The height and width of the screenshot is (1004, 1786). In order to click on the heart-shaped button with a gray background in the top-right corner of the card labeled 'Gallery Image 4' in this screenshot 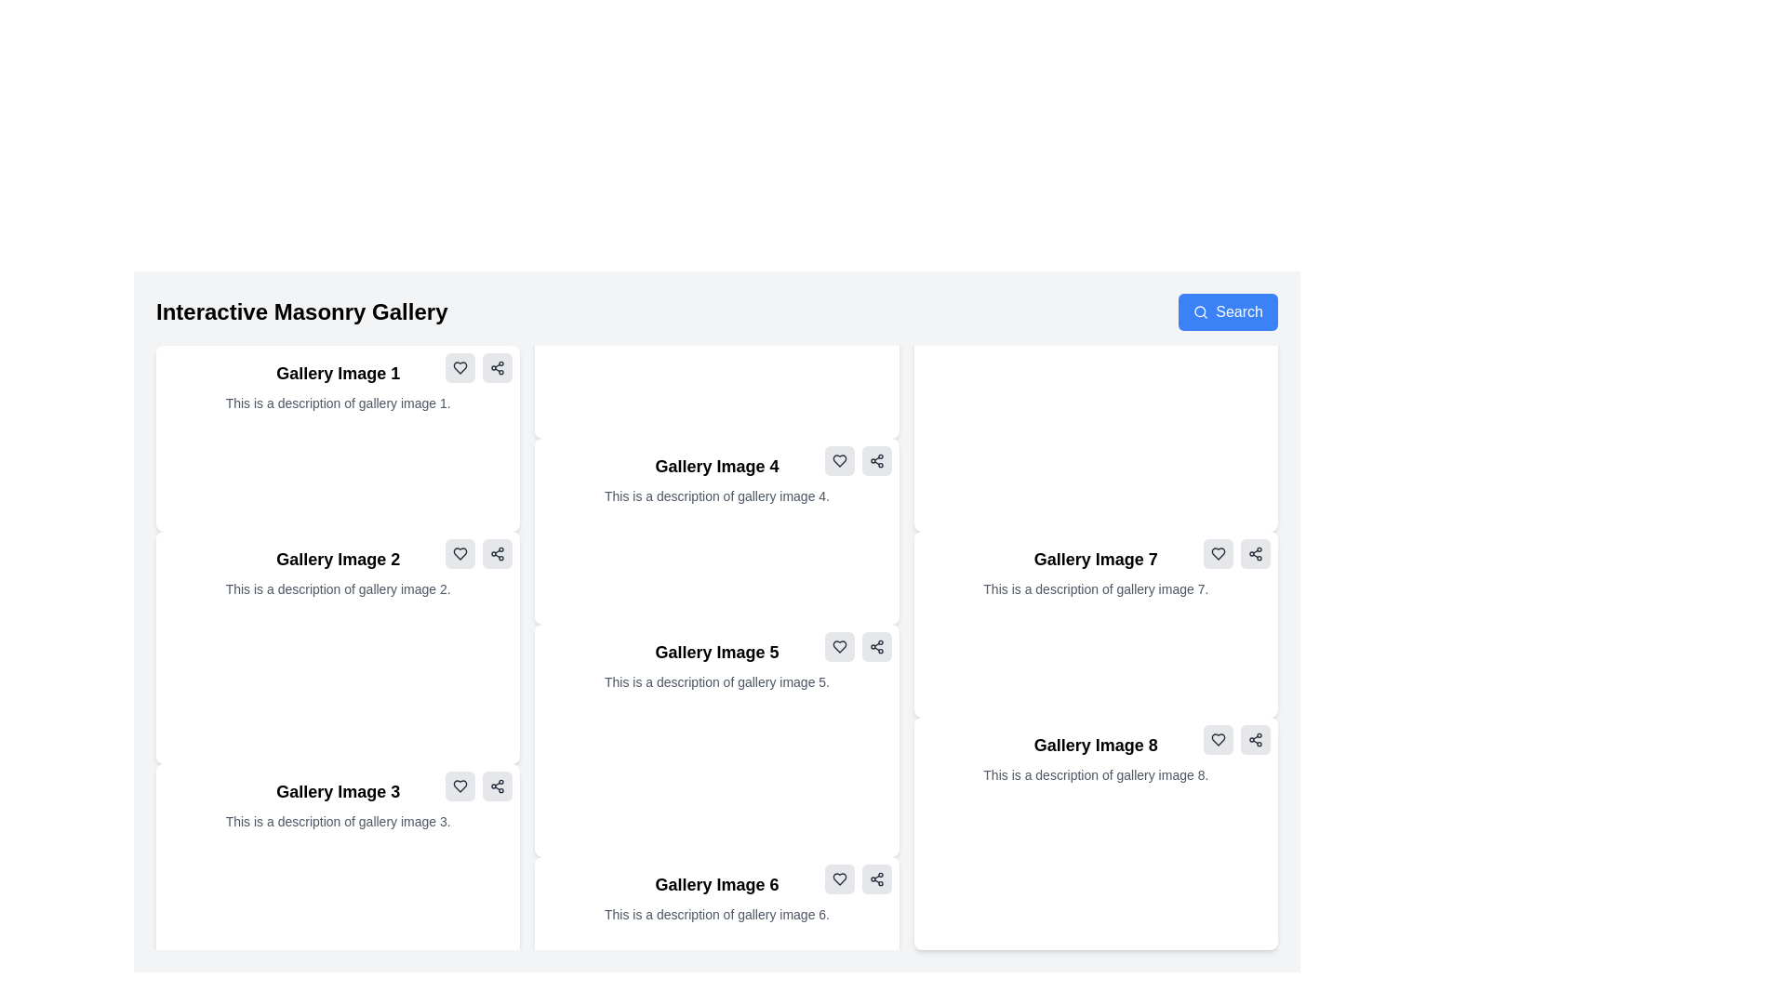, I will do `click(838, 460)`.